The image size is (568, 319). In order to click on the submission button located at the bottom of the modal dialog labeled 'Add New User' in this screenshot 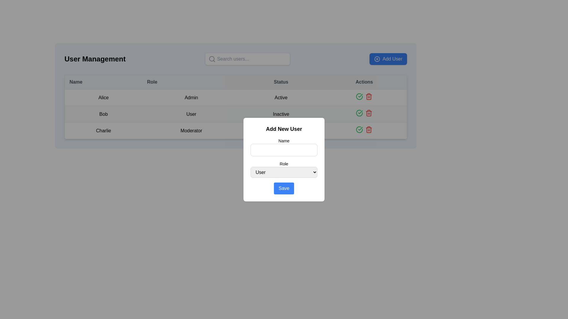, I will do `click(284, 188)`.